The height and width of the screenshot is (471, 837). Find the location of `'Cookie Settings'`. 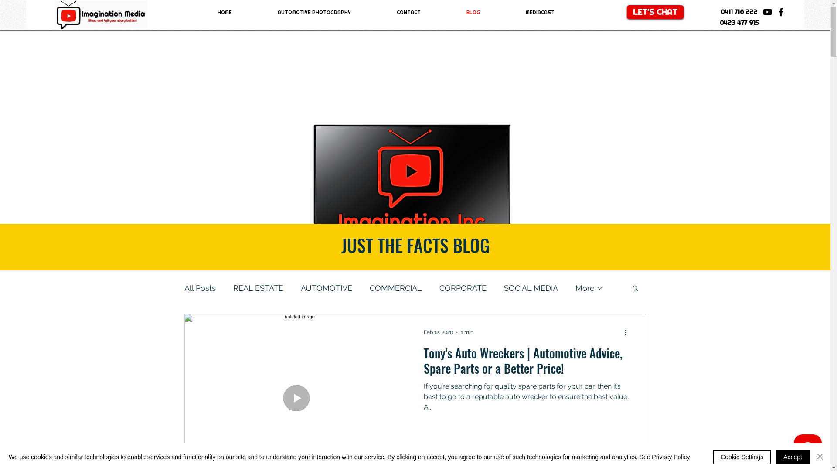

'Cookie Settings' is located at coordinates (742, 457).